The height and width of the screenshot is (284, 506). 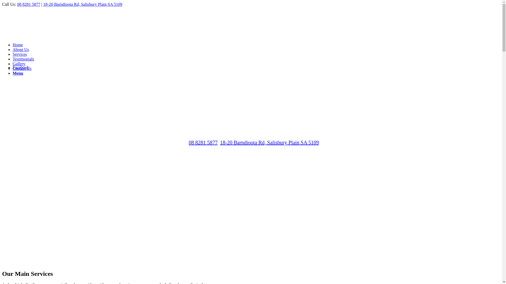 I want to click on 'About Us', so click(x=13, y=49).